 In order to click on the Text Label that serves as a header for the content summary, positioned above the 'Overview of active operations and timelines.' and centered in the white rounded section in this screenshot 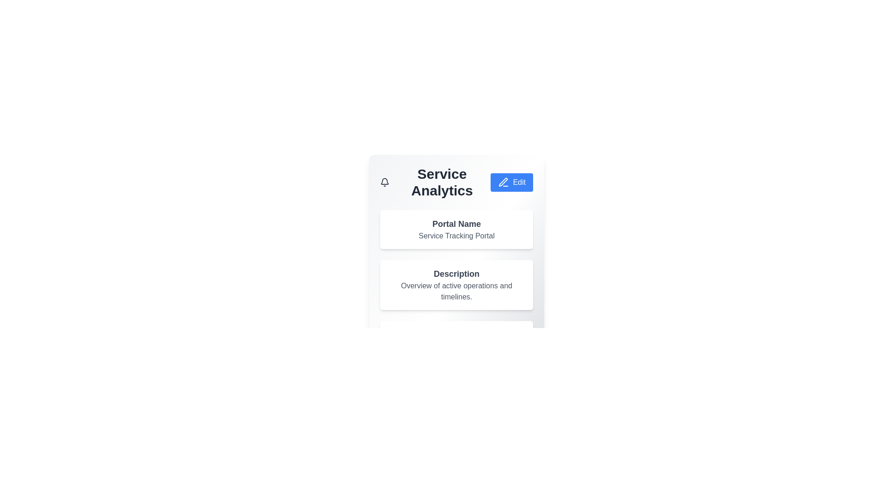, I will do `click(456, 274)`.